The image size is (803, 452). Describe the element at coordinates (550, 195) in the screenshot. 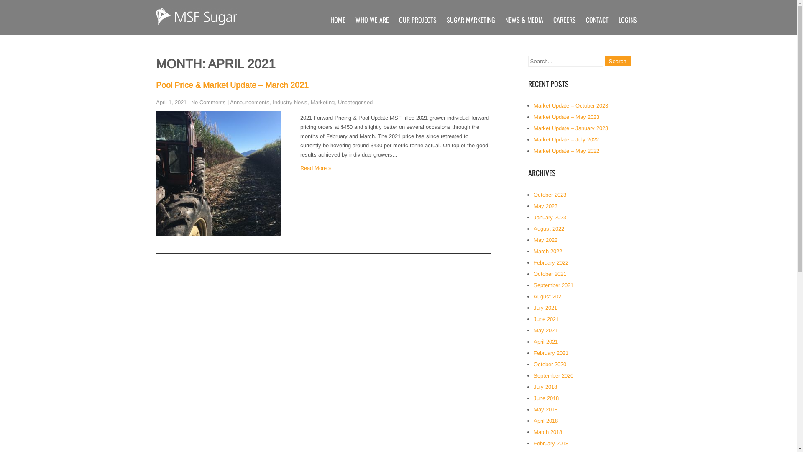

I see `'October 2023'` at that location.